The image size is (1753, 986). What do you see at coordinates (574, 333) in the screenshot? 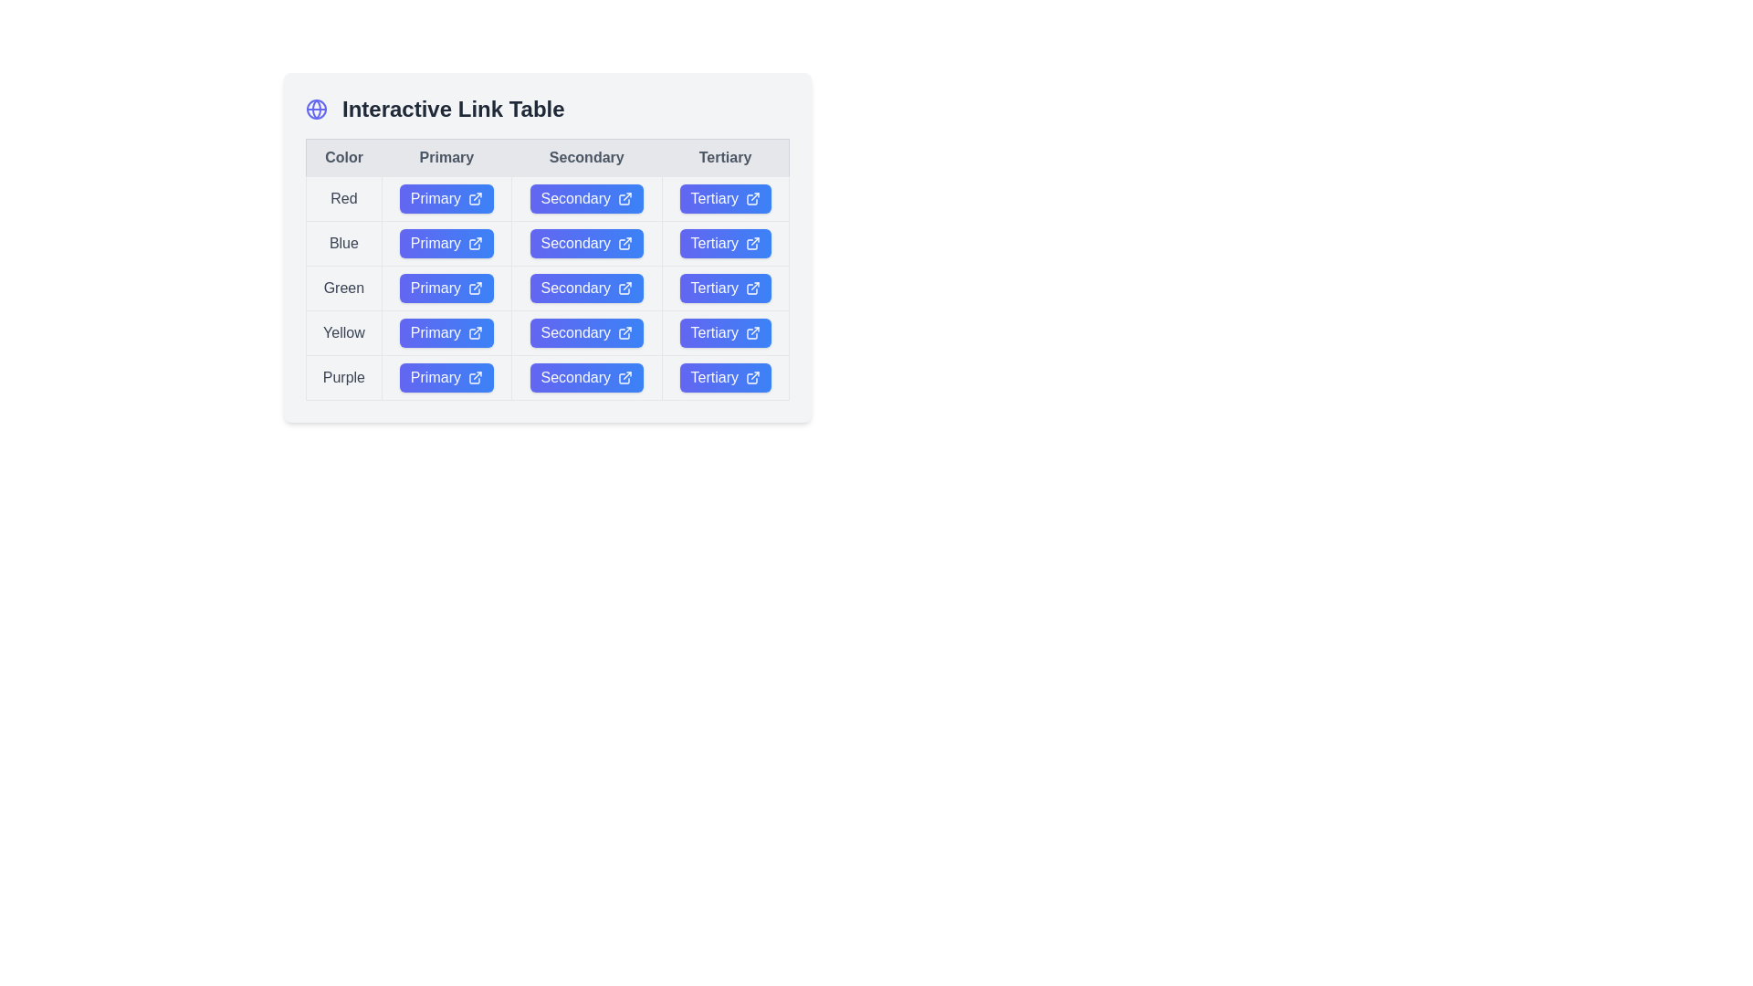
I see `the 'Secondary' text label within the button component located in the 'Yellow' row of the table, specifically in the 'Secondary' column and to the left of the external link icon` at bounding box center [574, 333].